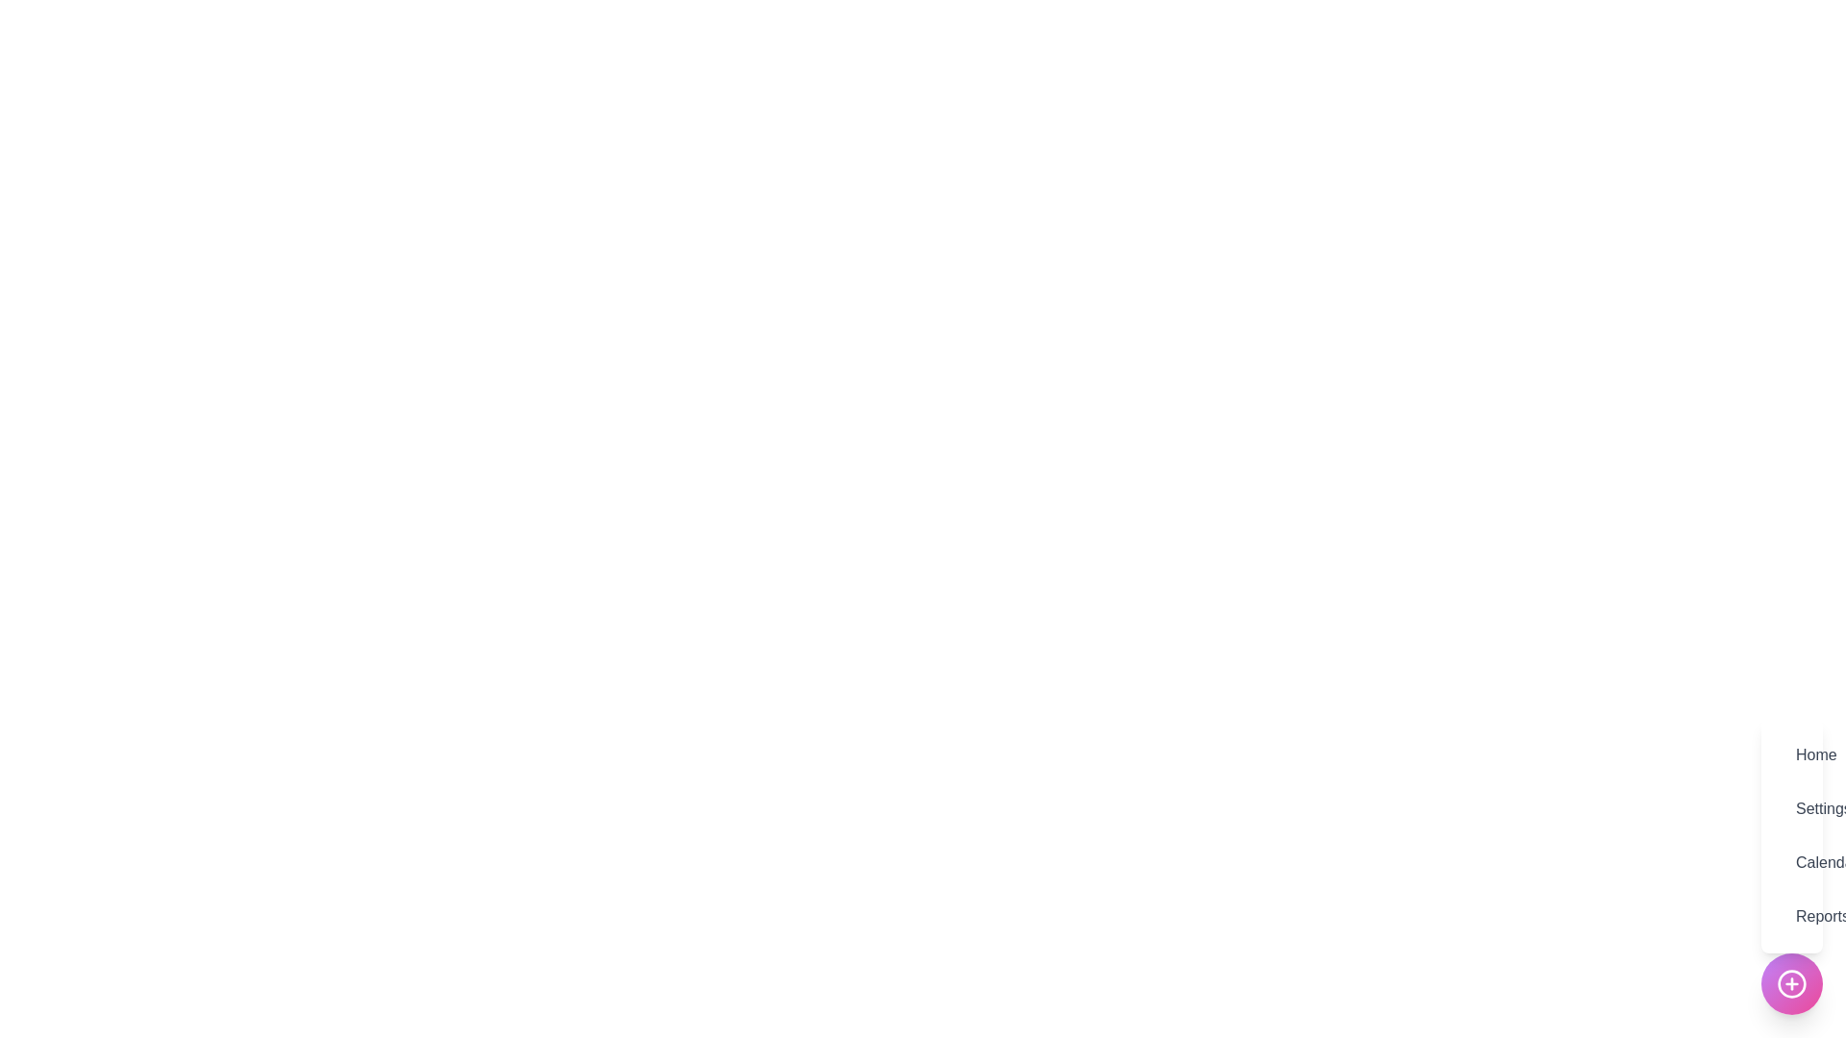 The image size is (1846, 1038). Describe the element at coordinates (1790, 915) in the screenshot. I see `the menu item labeled Reports to see its hover effect` at that location.